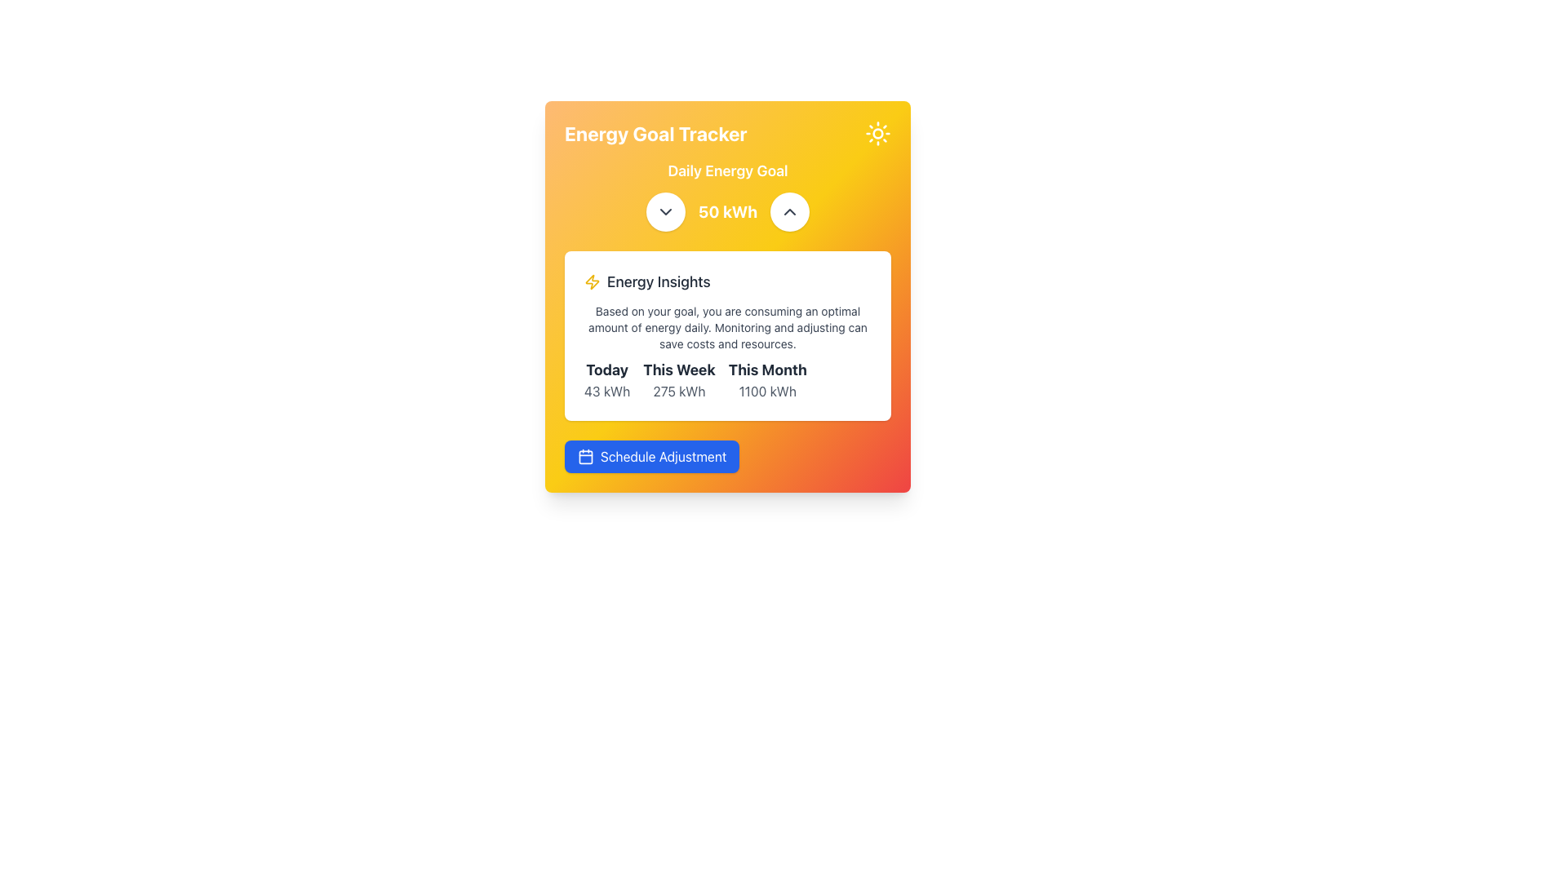  Describe the element at coordinates (727, 456) in the screenshot. I see `the button with a blue background and white text reading 'Schedule Adjustment', which is located at the bottom of the 'Energy Goal Tracker' card` at that location.